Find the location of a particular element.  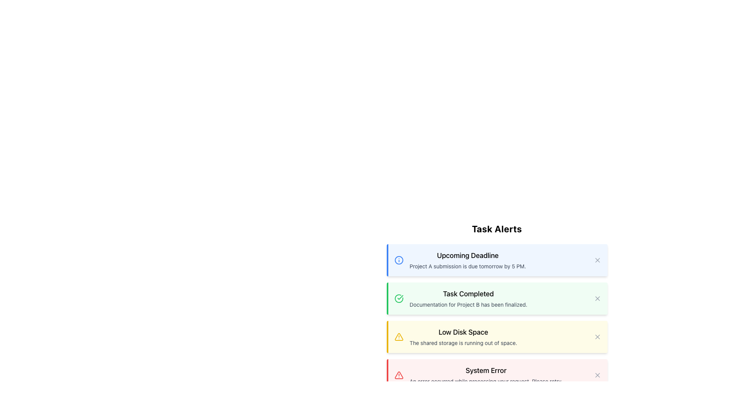

the static text element that displays an error message, located below the title 'System Error' in a red-highlighted section is located at coordinates (485, 381).